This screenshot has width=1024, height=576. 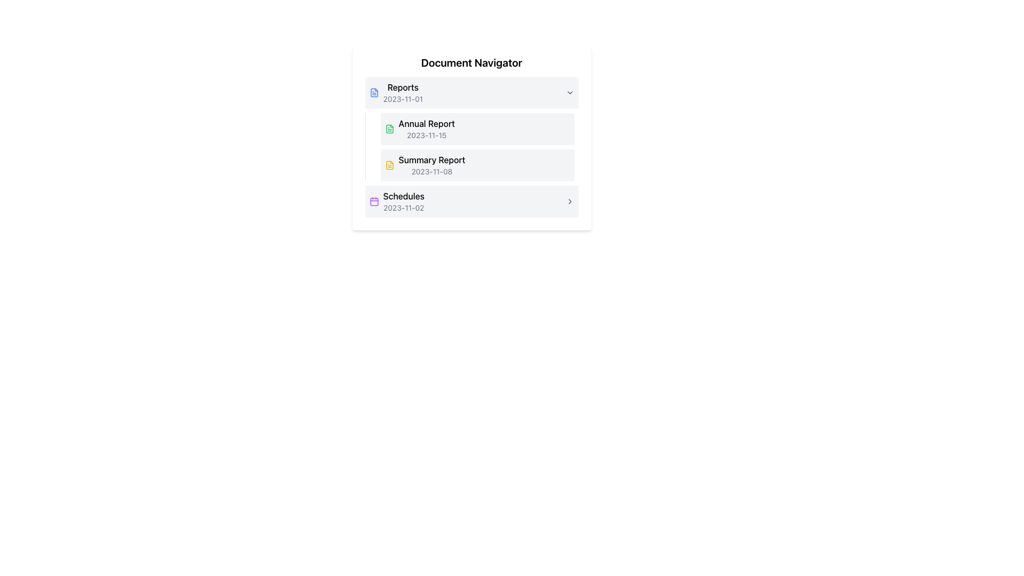 I want to click on the 'Annual Report' text label, which serves as a descriptive title in the navigation interface, so click(x=427, y=123).